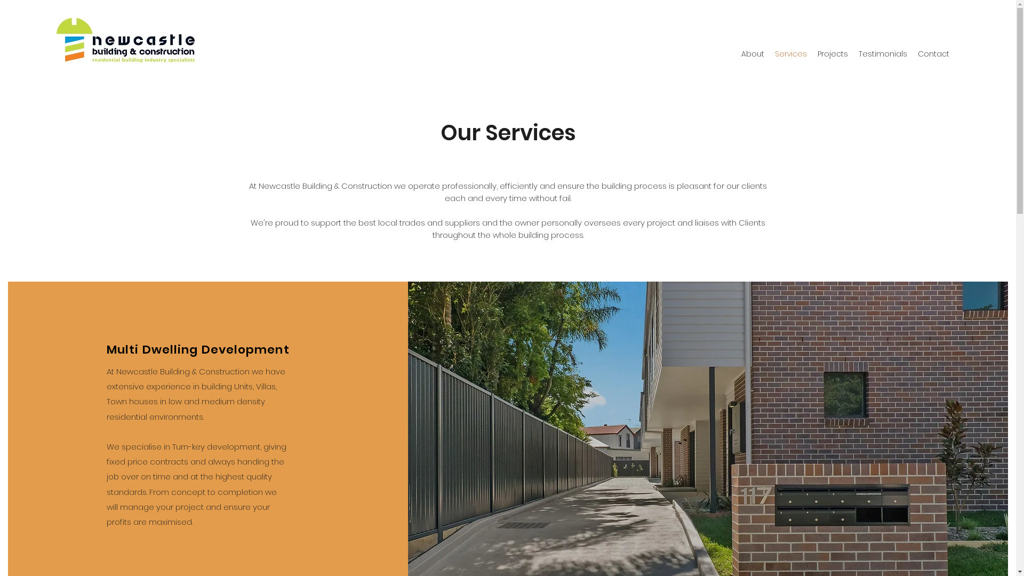  Describe the element at coordinates (832, 54) in the screenshot. I see `'Projects'` at that location.